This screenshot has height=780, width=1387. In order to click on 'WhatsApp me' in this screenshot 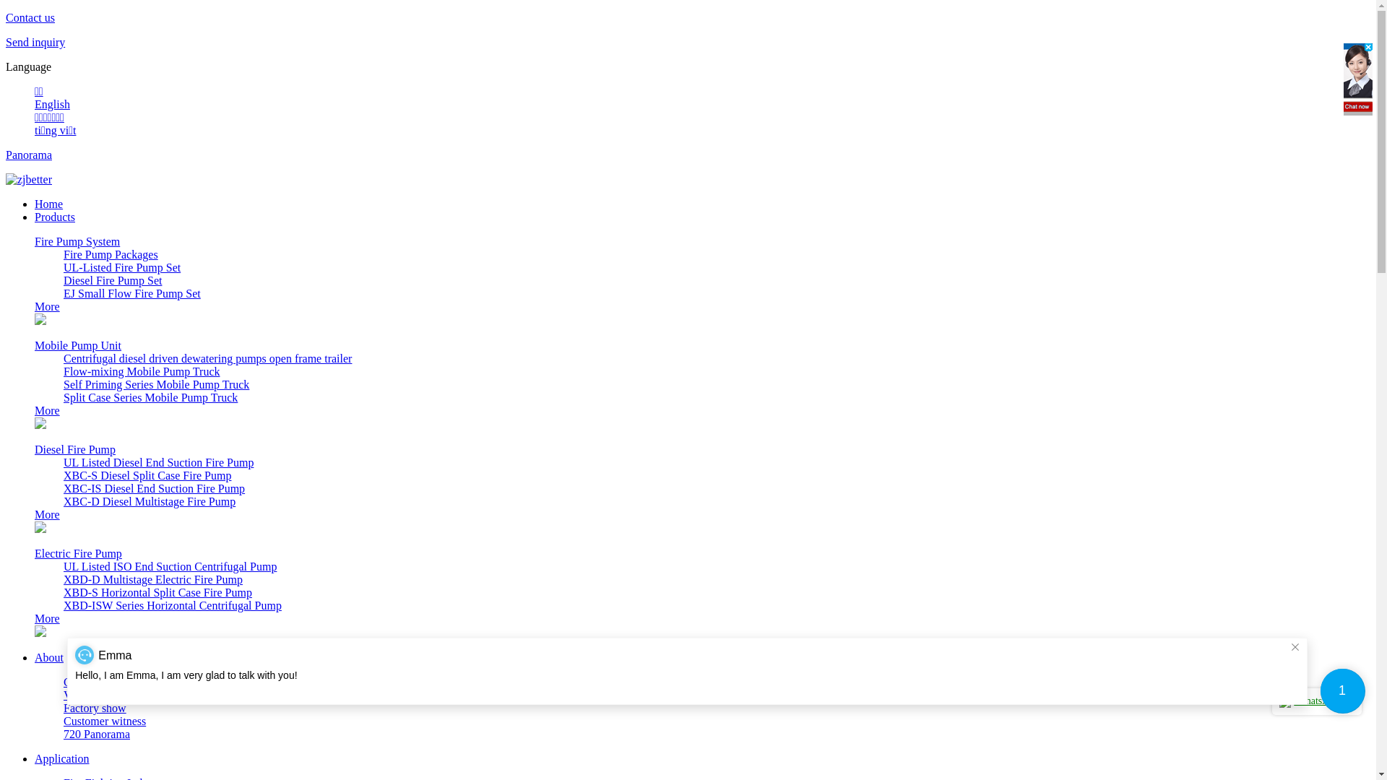, I will do `click(1317, 701)`.